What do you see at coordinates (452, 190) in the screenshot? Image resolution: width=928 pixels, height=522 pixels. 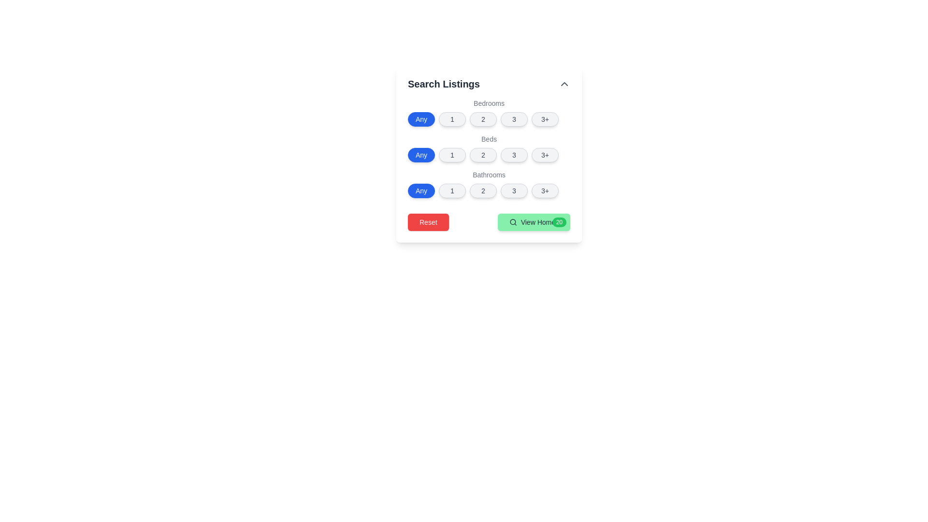 I see `the circular button with a light gray background and the number '1' centered within it, located under the 'Bathrooms' section, to interact with it` at bounding box center [452, 190].